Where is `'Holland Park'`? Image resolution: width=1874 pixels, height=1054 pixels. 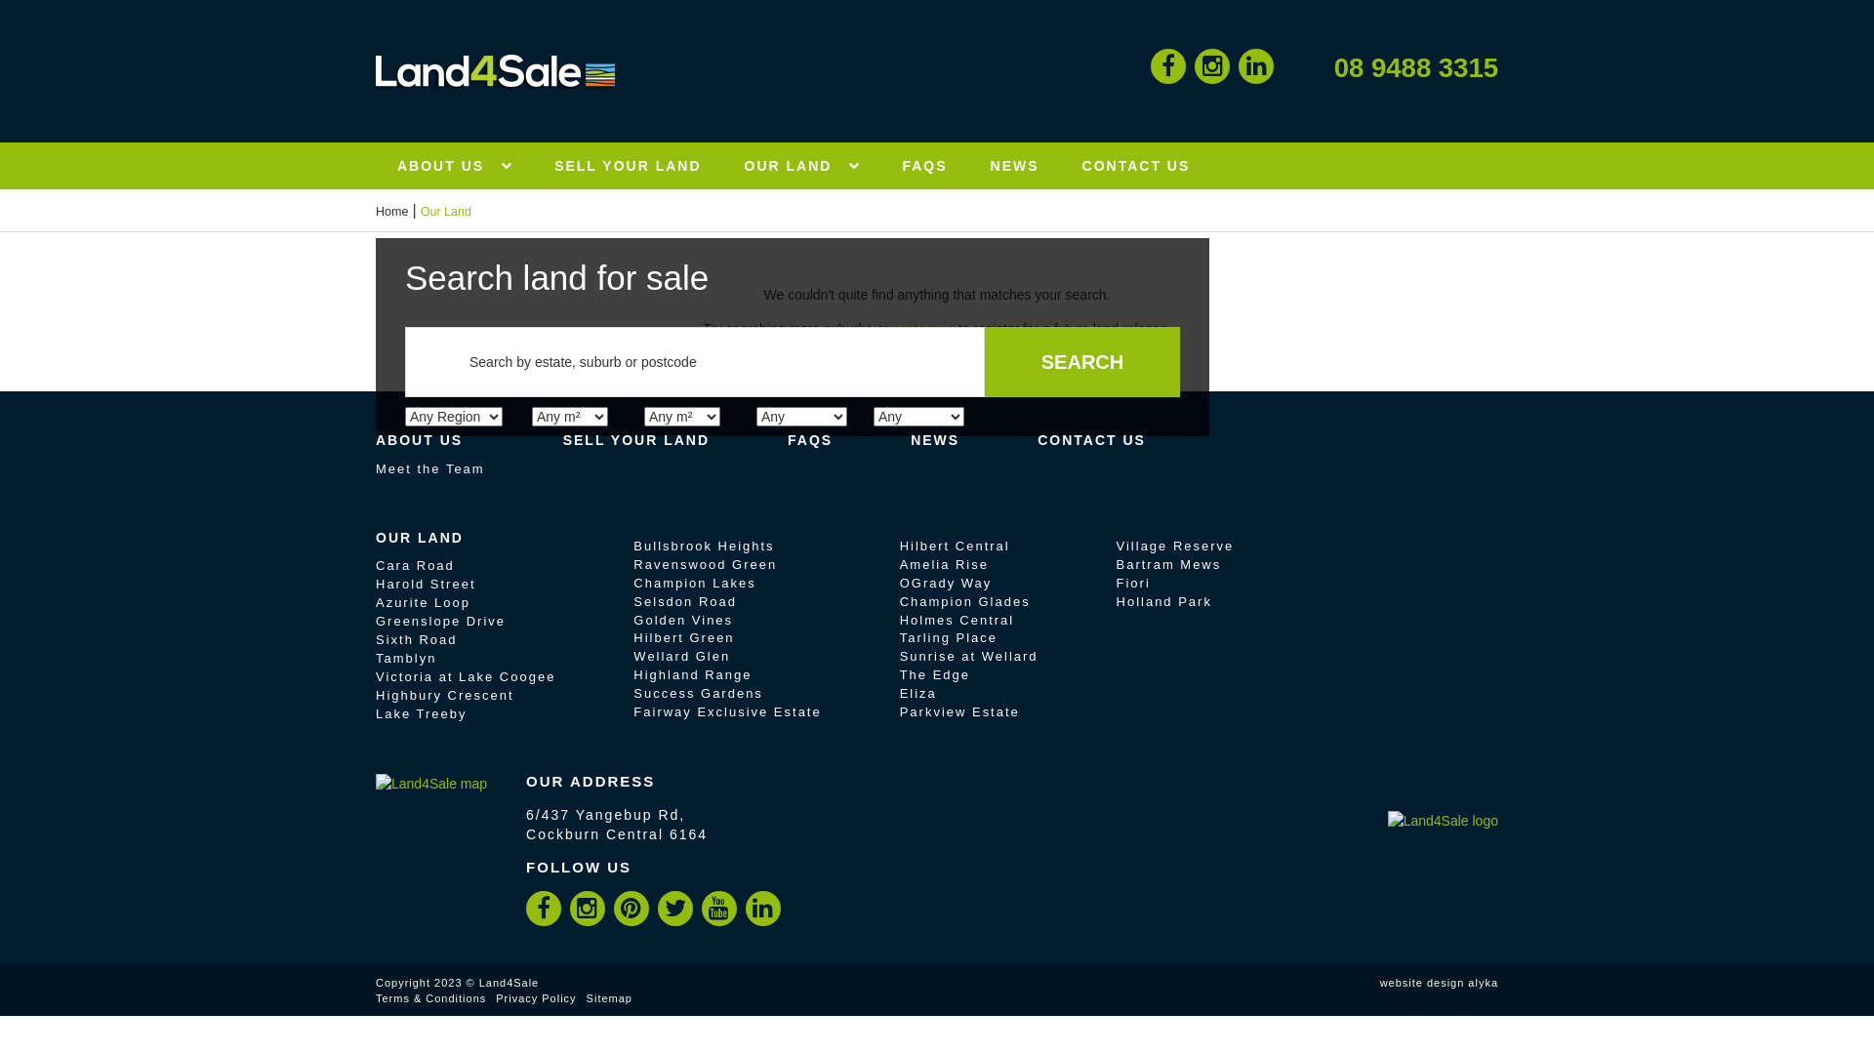
'Holland Park' is located at coordinates (1116, 600).